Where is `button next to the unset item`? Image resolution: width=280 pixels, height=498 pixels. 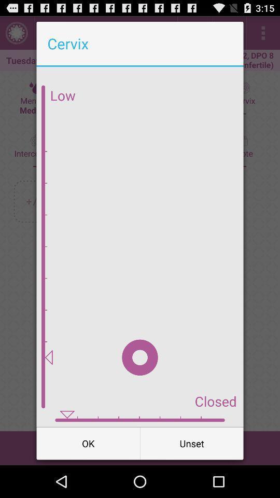 button next to the unset item is located at coordinates (88, 442).